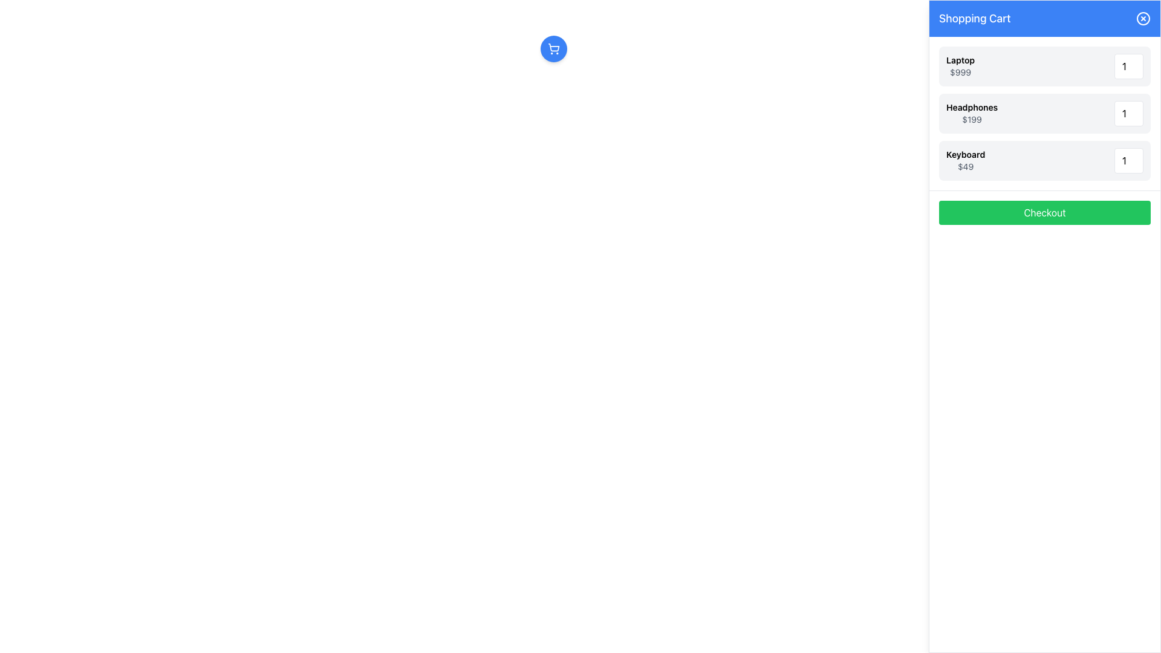 This screenshot has width=1161, height=653. Describe the element at coordinates (975, 18) in the screenshot. I see `the text label indicating the shopping cart section in the blue header bar` at that location.